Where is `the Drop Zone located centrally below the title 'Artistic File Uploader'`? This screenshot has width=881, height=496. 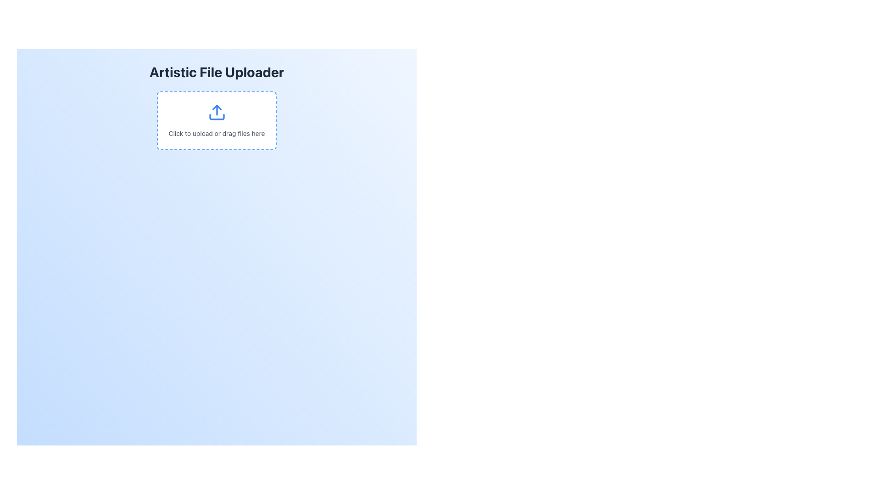
the Drop Zone located centrally below the title 'Artistic File Uploader' is located at coordinates (216, 120).